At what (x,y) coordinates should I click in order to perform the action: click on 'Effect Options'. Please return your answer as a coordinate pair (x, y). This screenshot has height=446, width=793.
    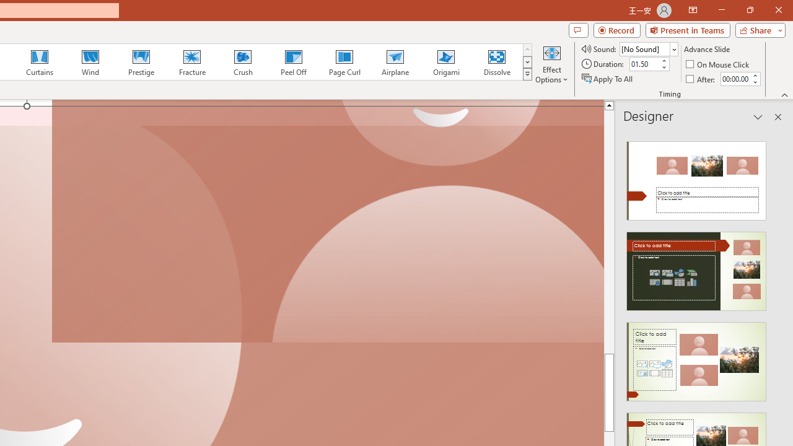
    Looking at the image, I should click on (551, 64).